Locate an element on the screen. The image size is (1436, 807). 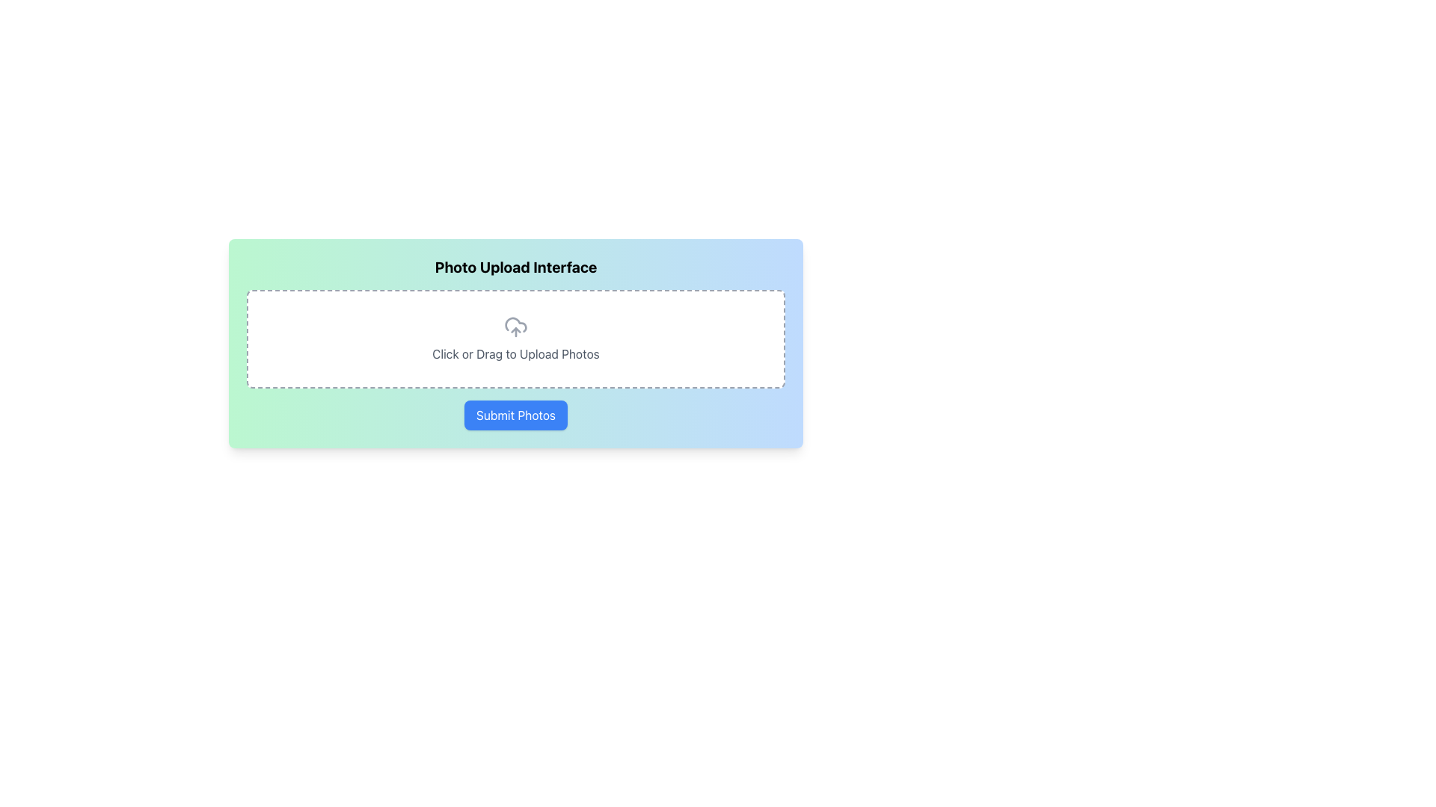
the upload icon located at the top-center of the dashed-bordered rectangle labeled 'Click or Drag to Upload Photos' is located at coordinates (516, 327).